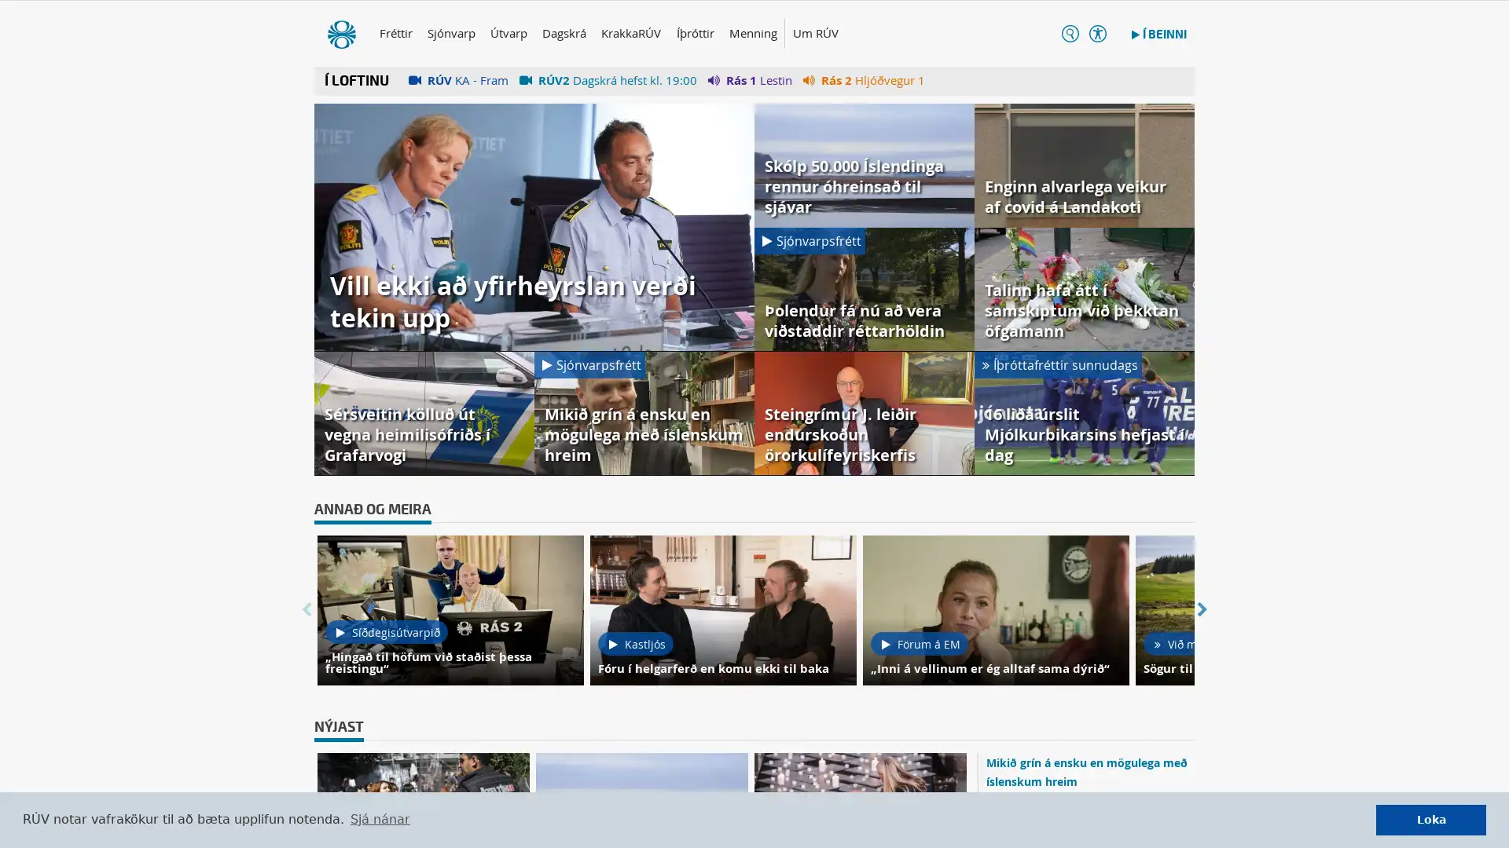 Image resolution: width=1509 pixels, height=848 pixels. Describe the element at coordinates (1083, 35) in the screenshot. I see `hidden Stilling fyrir a sem kjosa frekar dokkan bakgrunn` at that location.